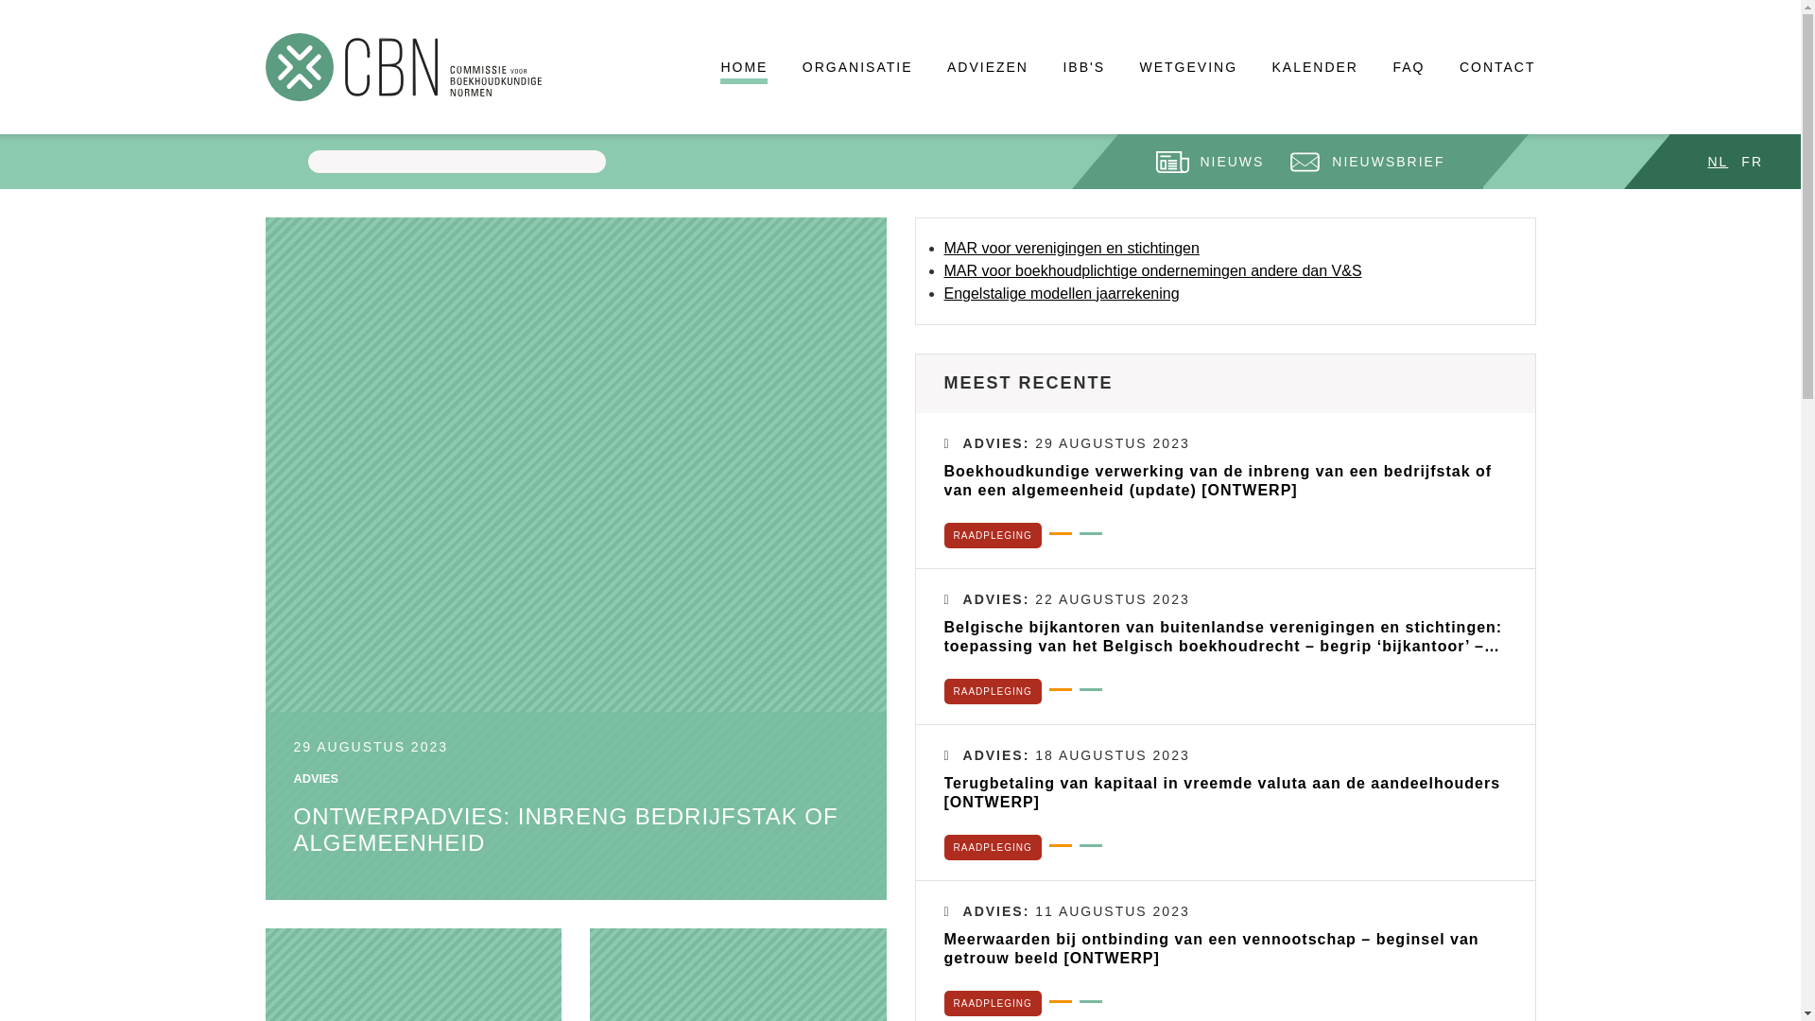  I want to click on 'MAR voor verenigingen en stichtingen', so click(1070, 247).